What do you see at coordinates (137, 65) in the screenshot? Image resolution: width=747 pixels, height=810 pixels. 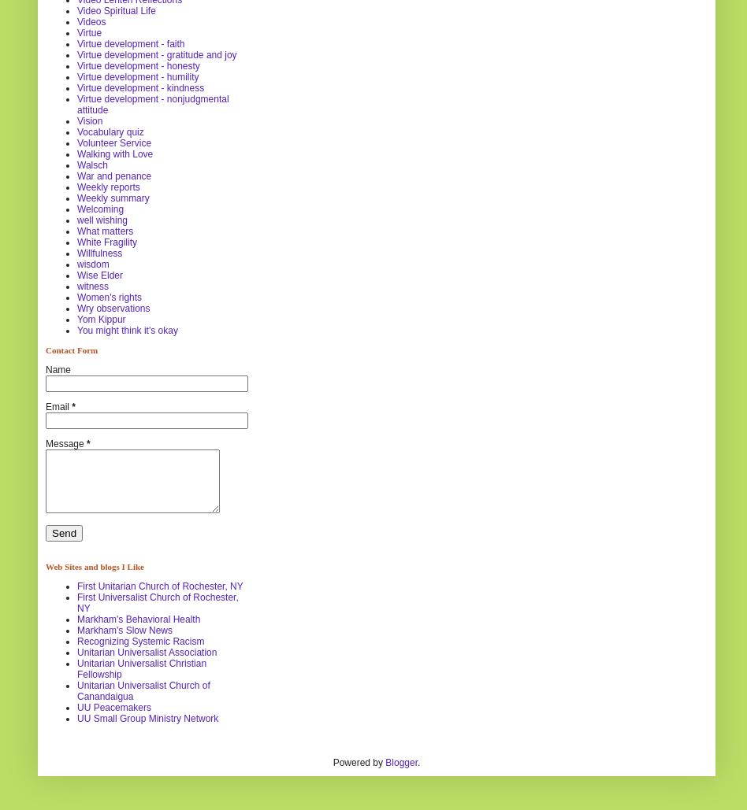 I see `'Virtue development - honesty'` at bounding box center [137, 65].